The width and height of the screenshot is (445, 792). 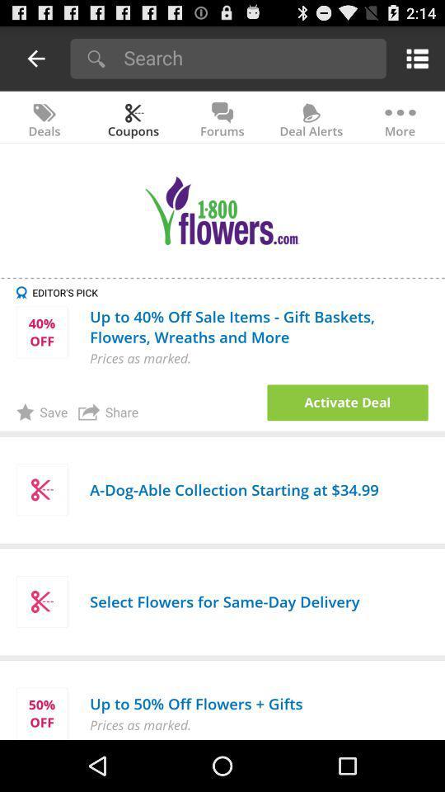 What do you see at coordinates (223, 601) in the screenshot?
I see `the select flowers for item` at bounding box center [223, 601].